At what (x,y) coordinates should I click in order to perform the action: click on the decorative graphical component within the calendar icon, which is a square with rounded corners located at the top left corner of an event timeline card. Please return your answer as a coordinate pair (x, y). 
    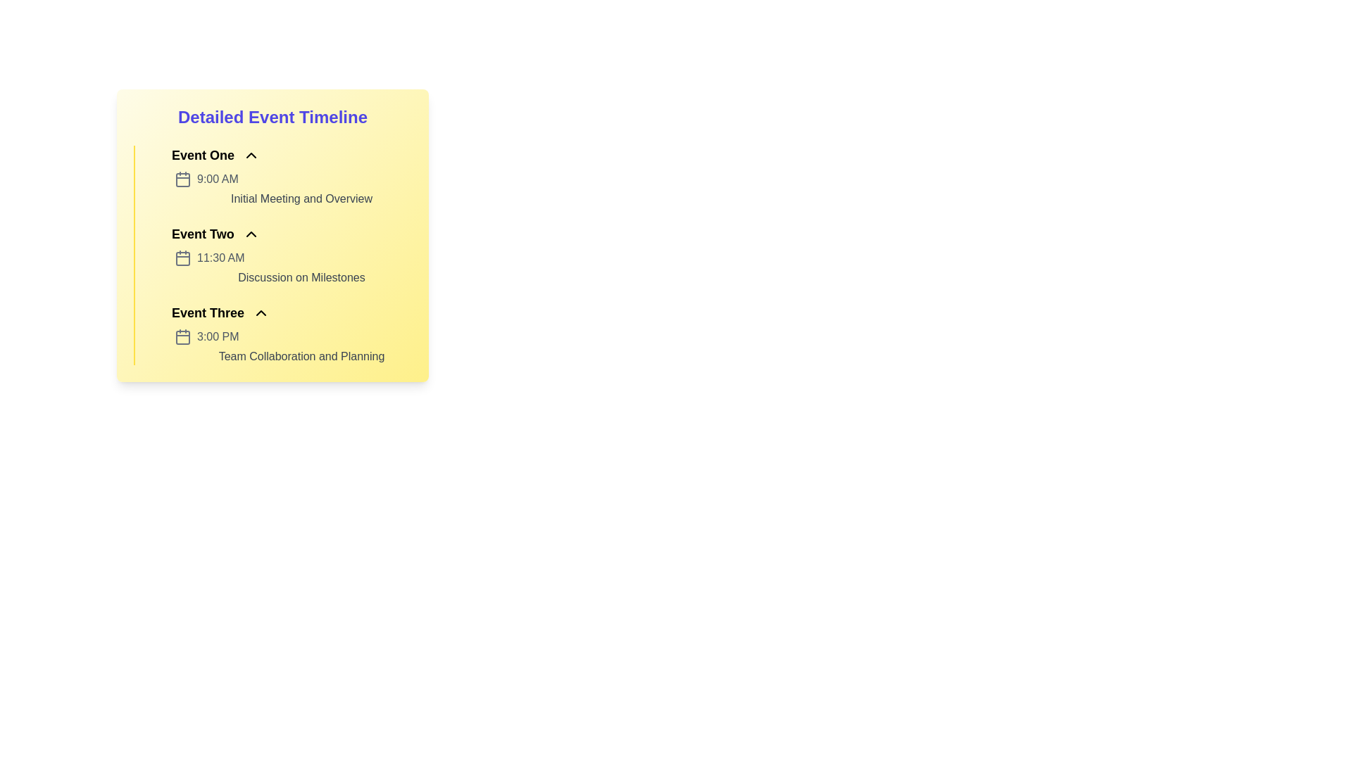
    Looking at the image, I should click on (182, 179).